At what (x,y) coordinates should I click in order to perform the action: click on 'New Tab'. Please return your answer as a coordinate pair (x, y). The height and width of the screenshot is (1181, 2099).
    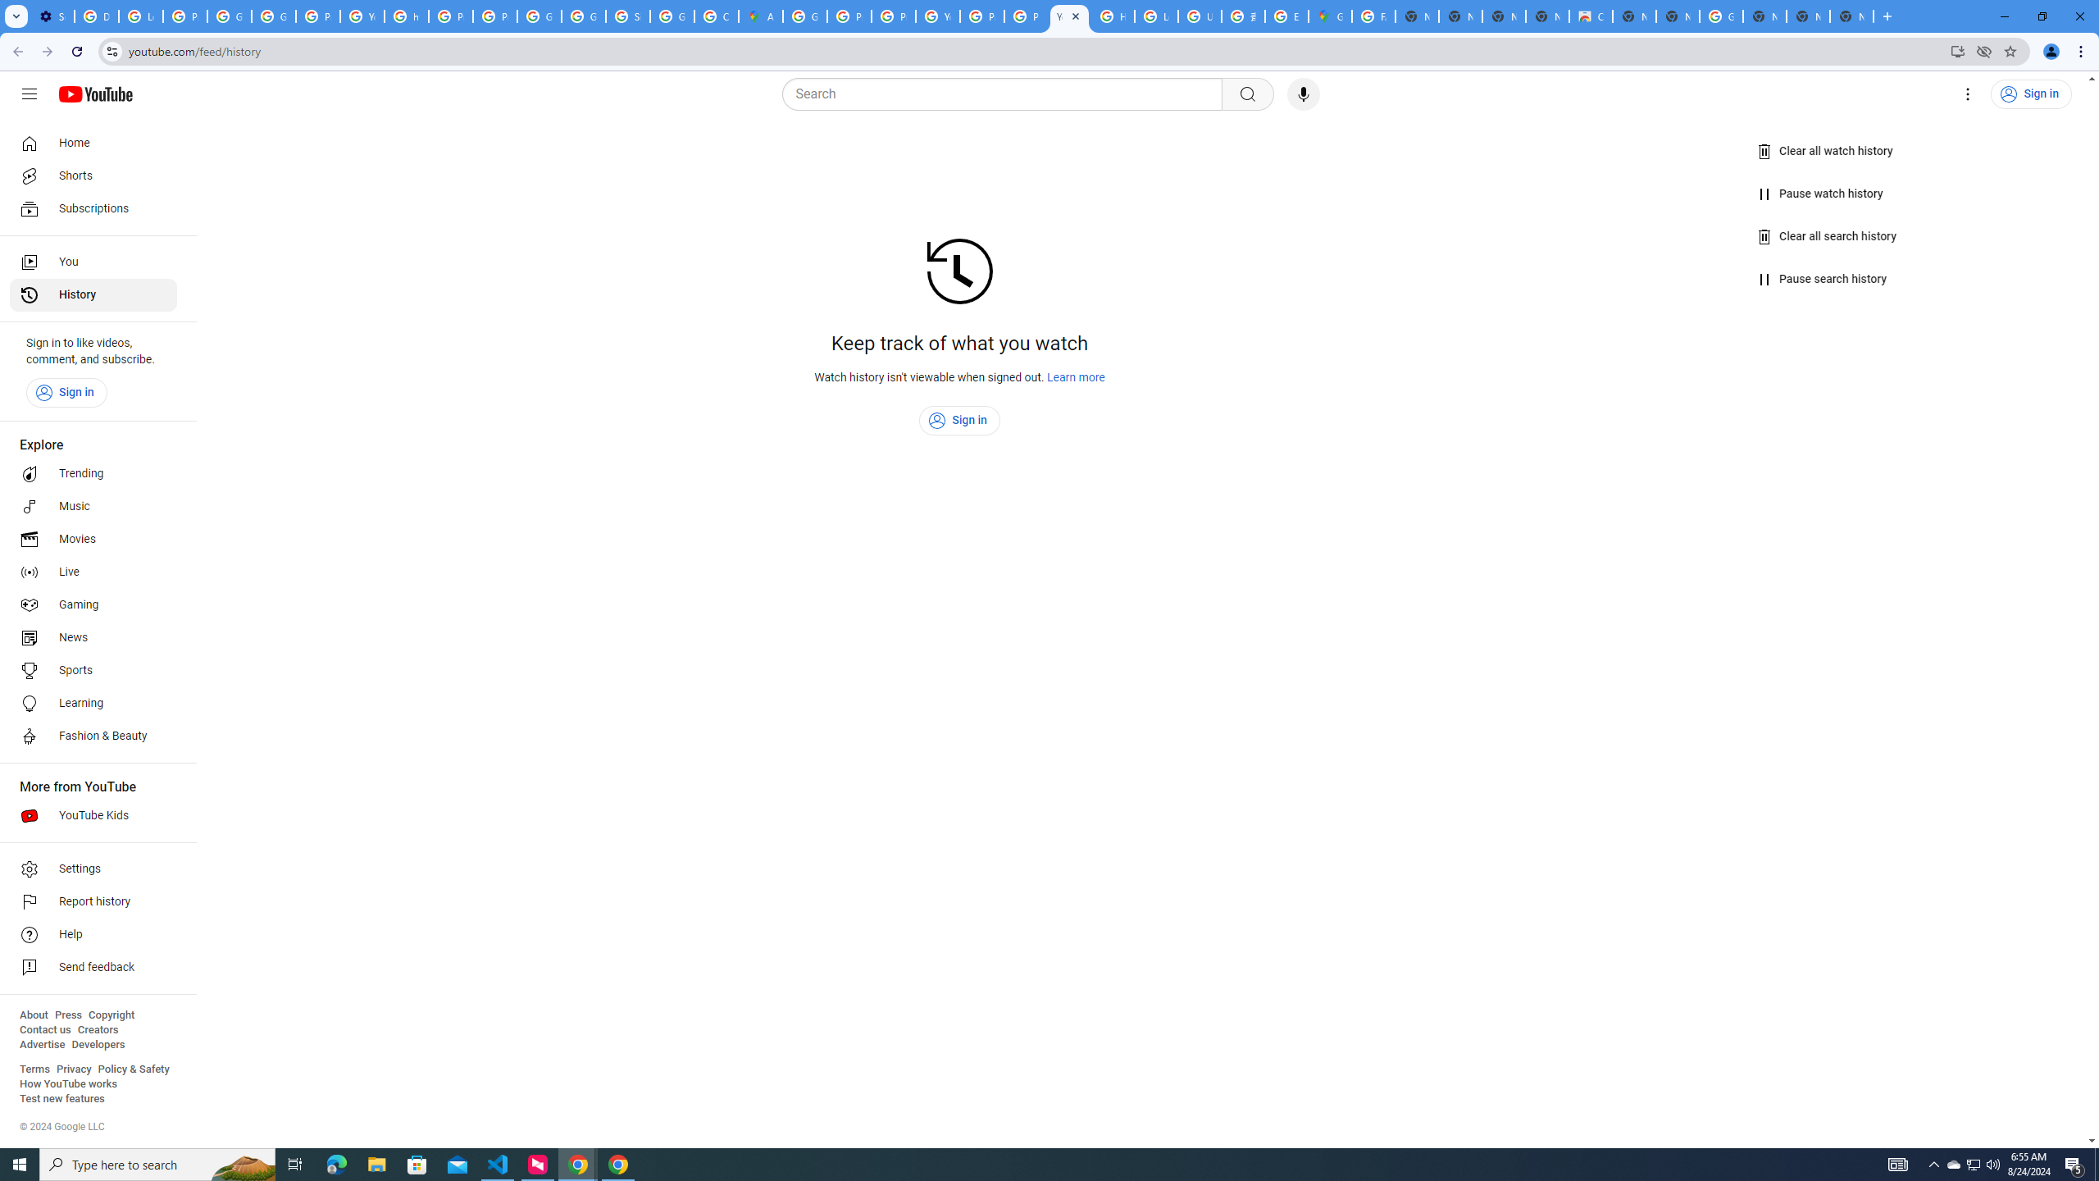
    Looking at the image, I should click on (1851, 16).